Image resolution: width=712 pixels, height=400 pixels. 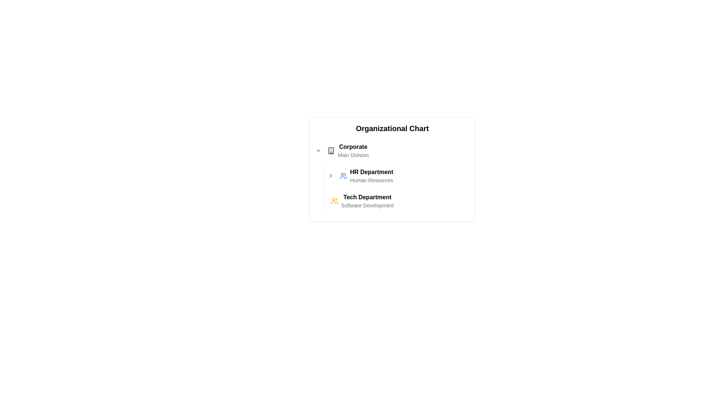 I want to click on the interactive button located to the left of the 'HR Department' text and directly below the 'Corporate' section in the organizational chart layout, so click(x=330, y=176).